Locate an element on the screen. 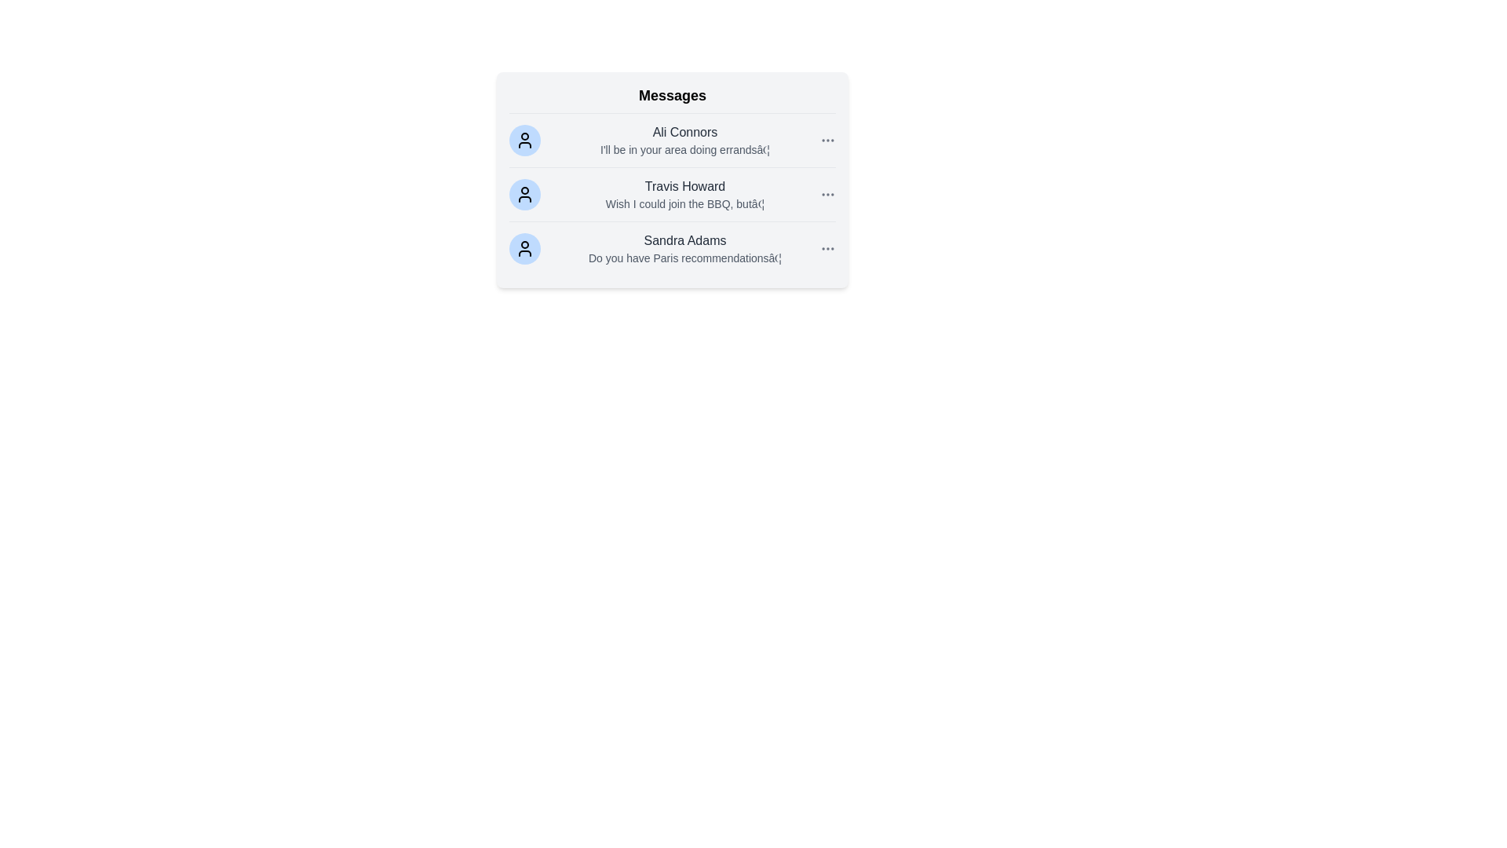  the text label displaying 'Sandra Adams' is located at coordinates (685, 241).